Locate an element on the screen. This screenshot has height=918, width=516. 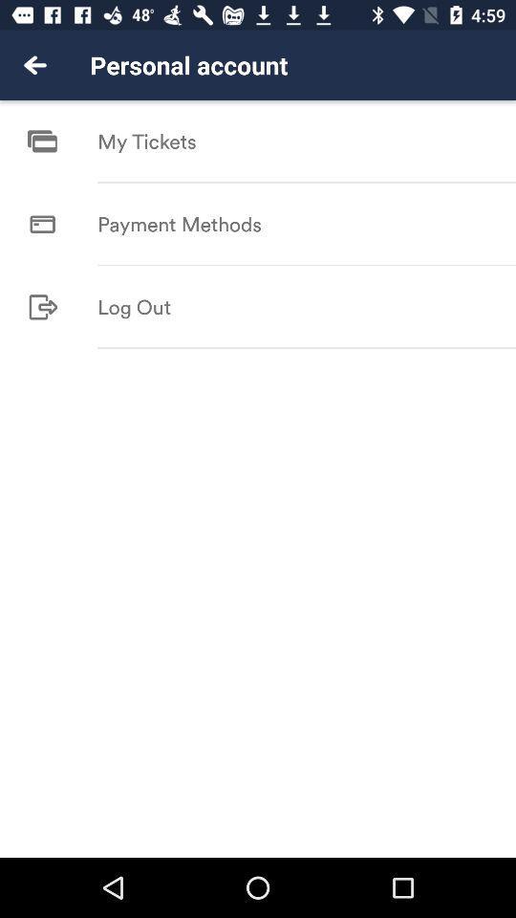
the payment methods icon is located at coordinates (180, 224).